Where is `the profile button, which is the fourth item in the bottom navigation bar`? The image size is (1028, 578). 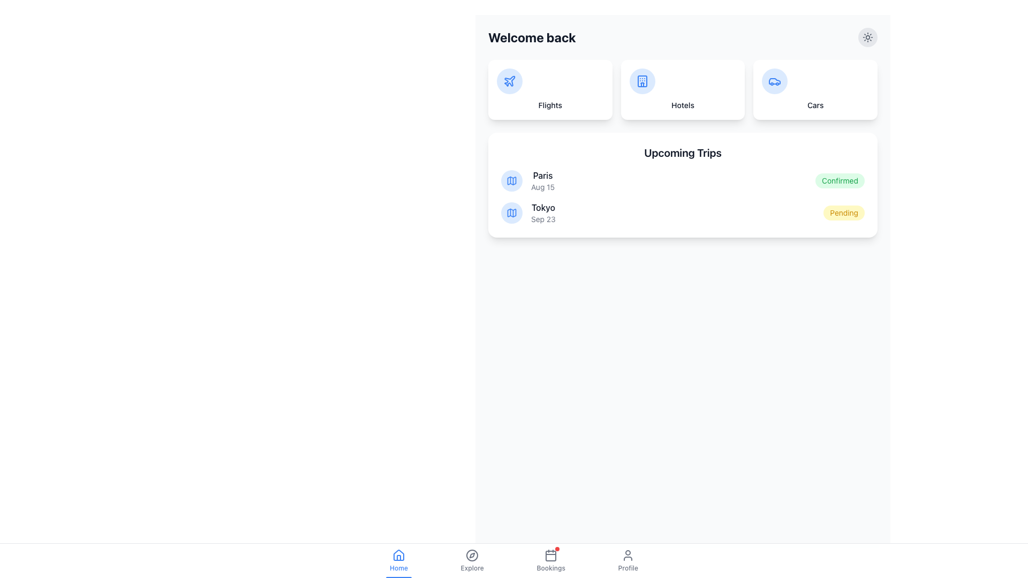 the profile button, which is the fourth item in the bottom navigation bar is located at coordinates (628, 560).